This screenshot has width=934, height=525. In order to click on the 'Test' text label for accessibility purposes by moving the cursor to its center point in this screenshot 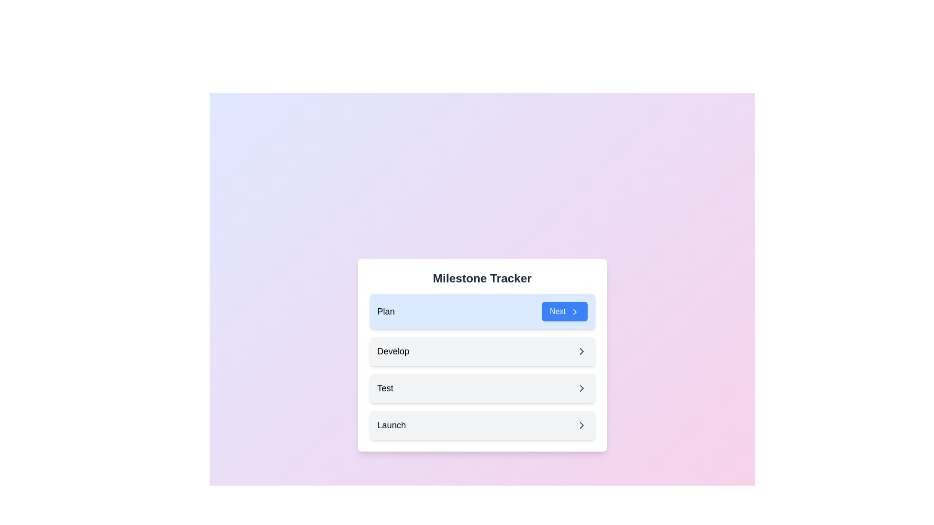, I will do `click(385, 387)`.